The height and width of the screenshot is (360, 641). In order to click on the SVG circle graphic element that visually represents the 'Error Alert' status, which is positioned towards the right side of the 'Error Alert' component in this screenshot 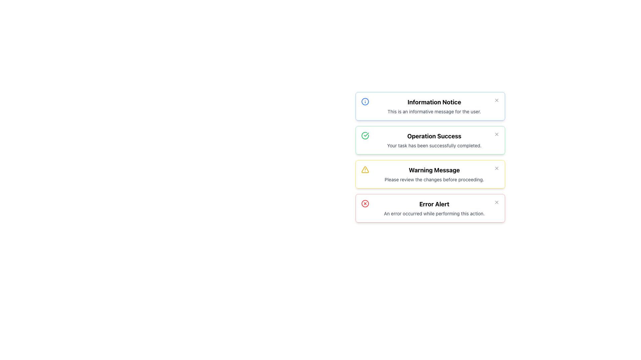, I will do `click(365, 203)`.